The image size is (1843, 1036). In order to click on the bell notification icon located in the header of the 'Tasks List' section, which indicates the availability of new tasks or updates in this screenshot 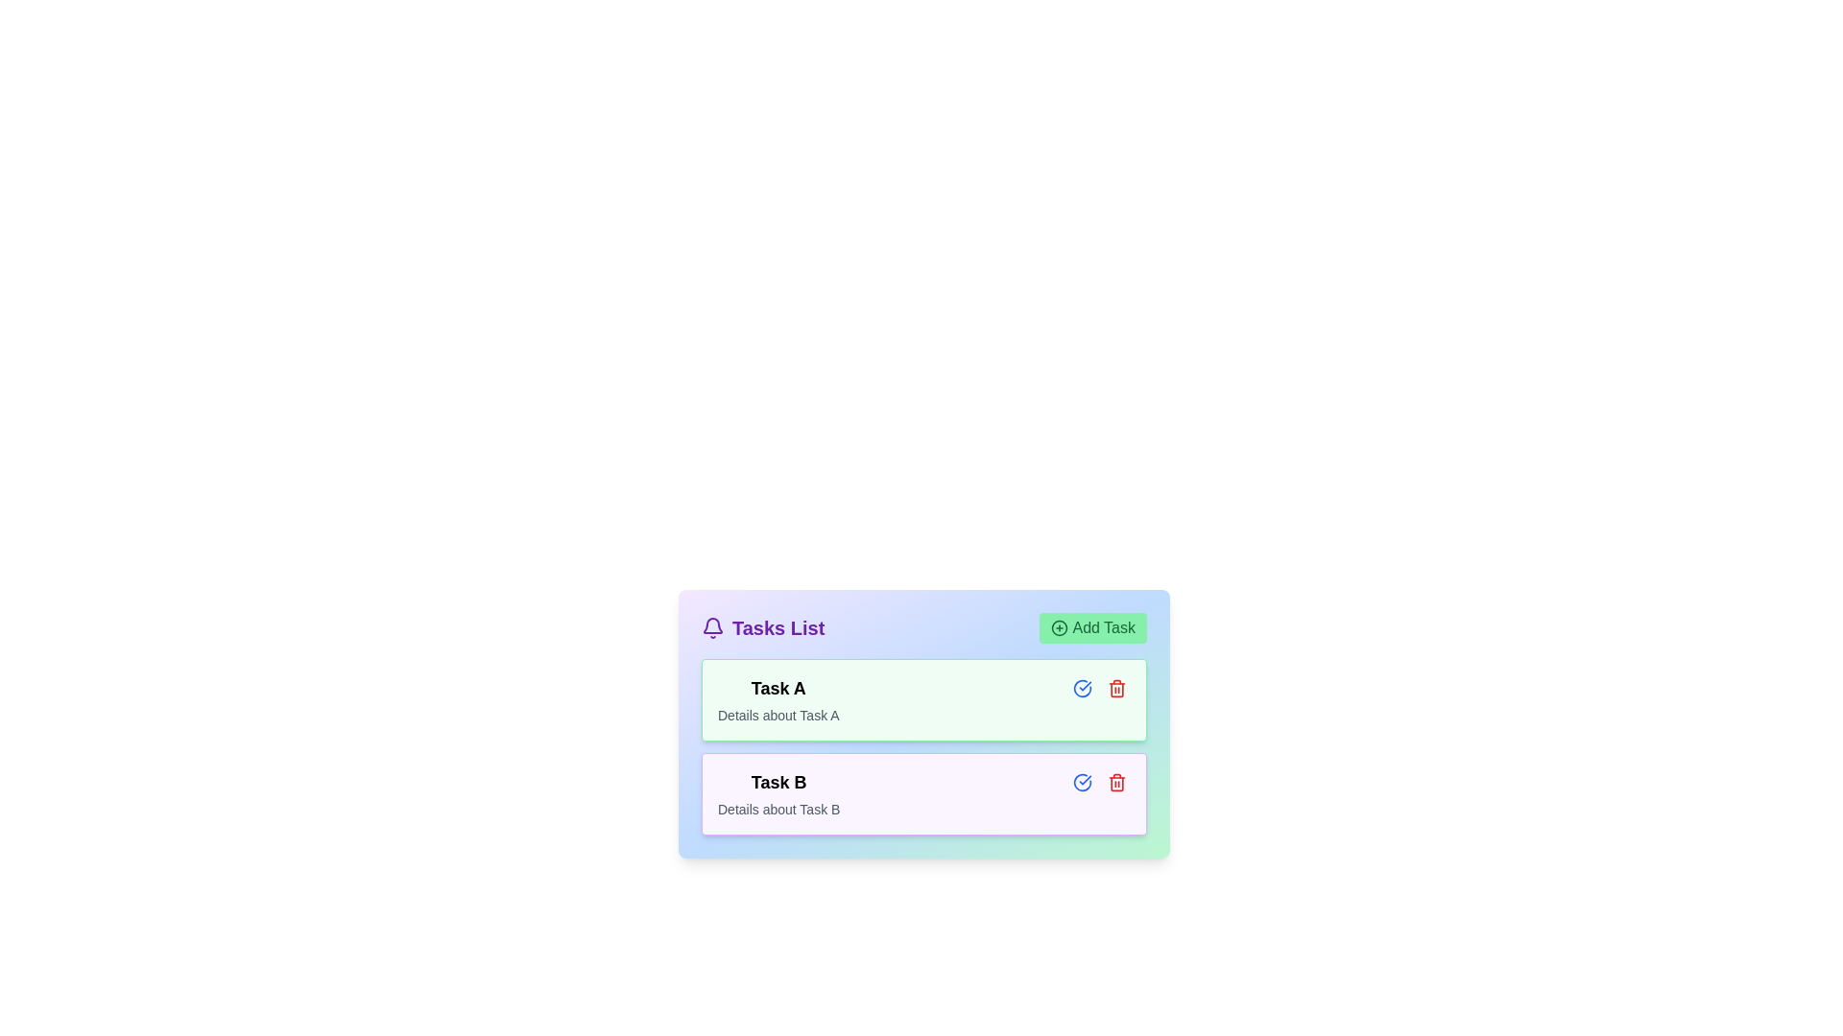, I will do `click(712, 625)`.